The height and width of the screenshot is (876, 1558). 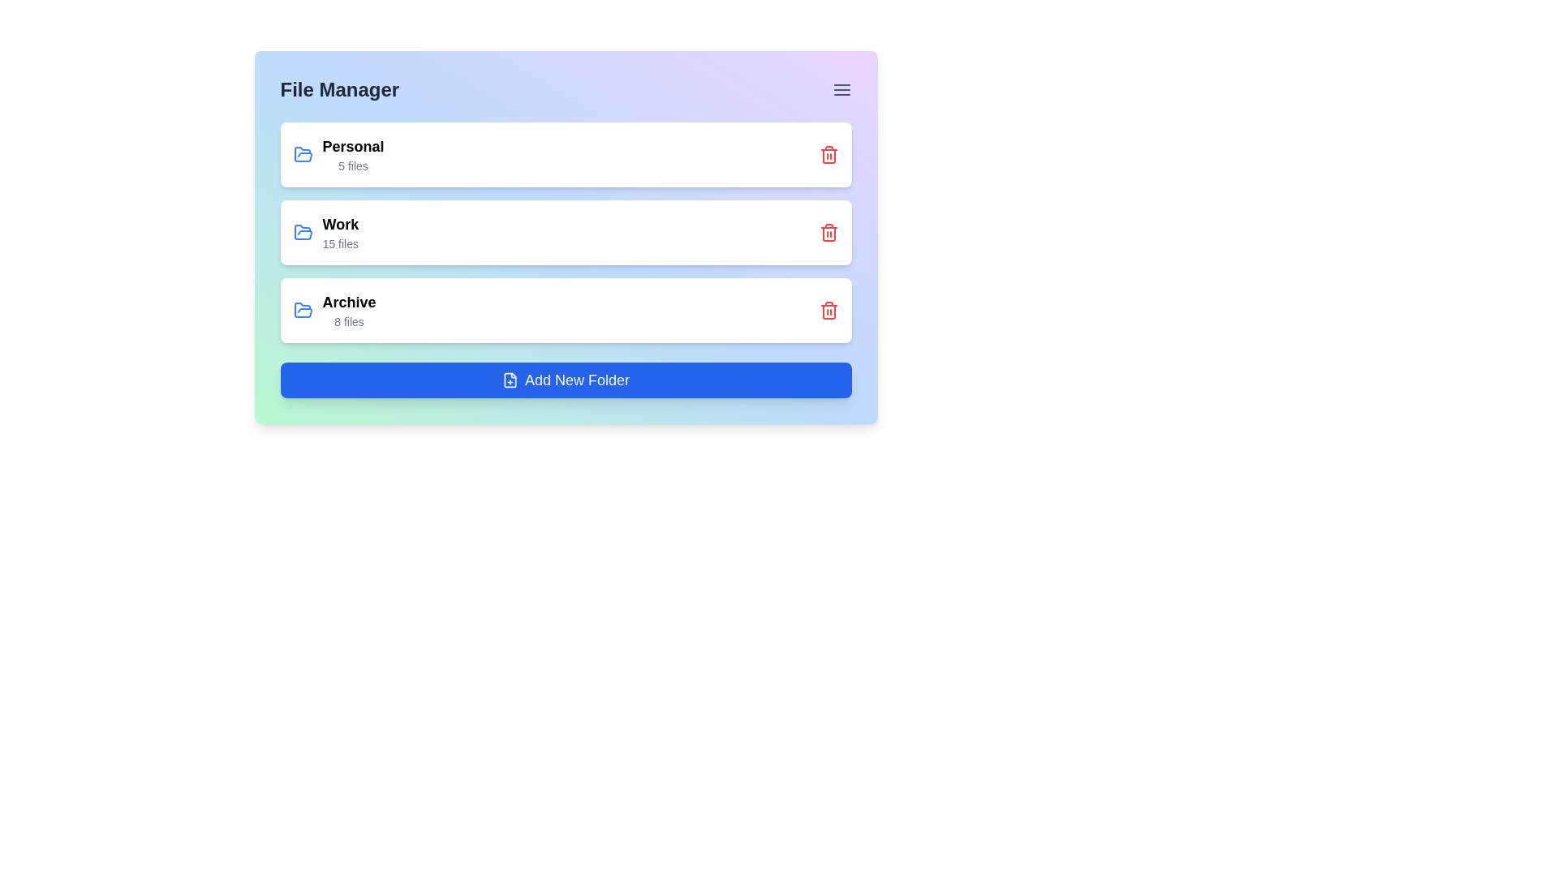 I want to click on the delete icon for the folder named Personal, so click(x=828, y=155).